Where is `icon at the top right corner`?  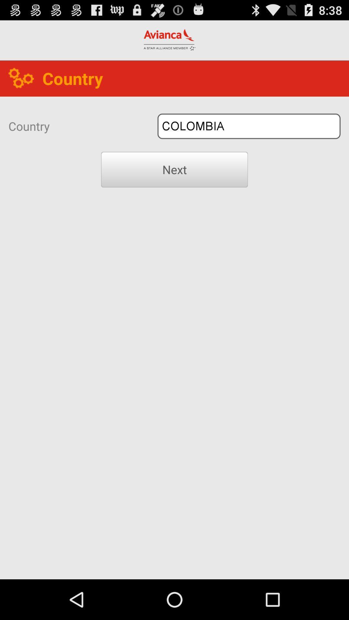
icon at the top right corner is located at coordinates (249, 126).